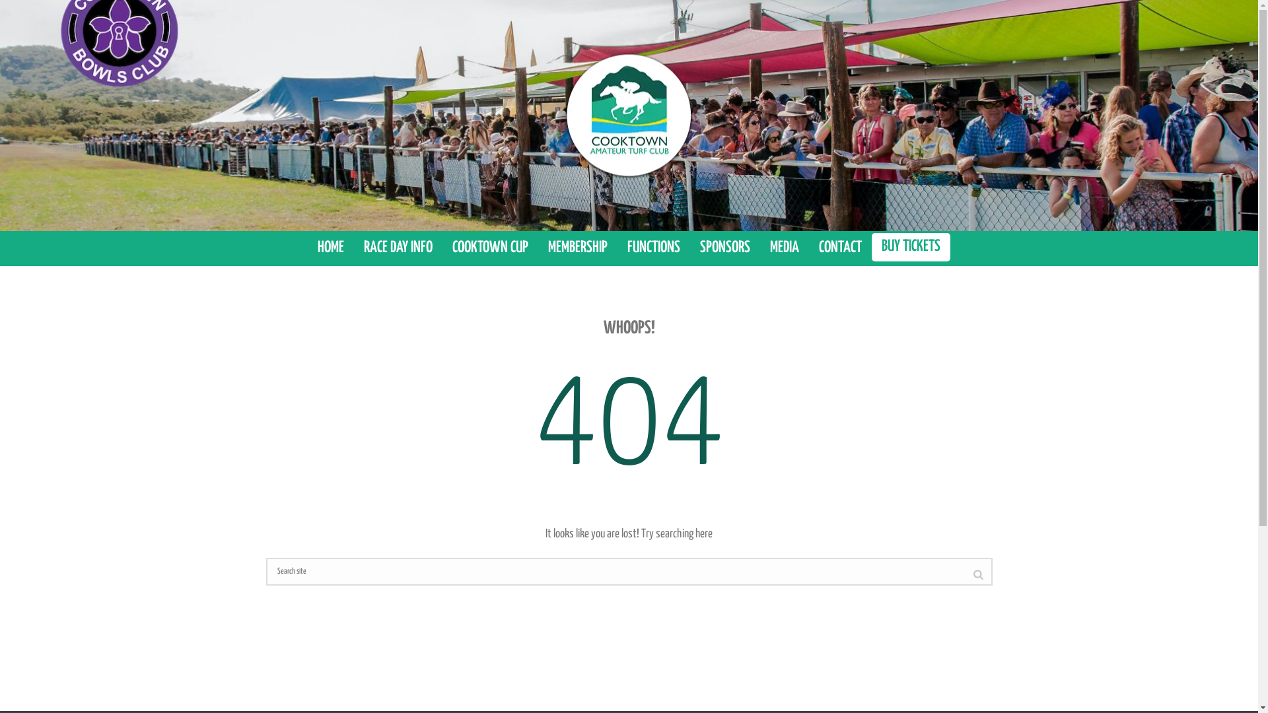 The width and height of the screenshot is (1268, 713). What do you see at coordinates (910, 247) in the screenshot?
I see `'BUY TICKETS'` at bounding box center [910, 247].